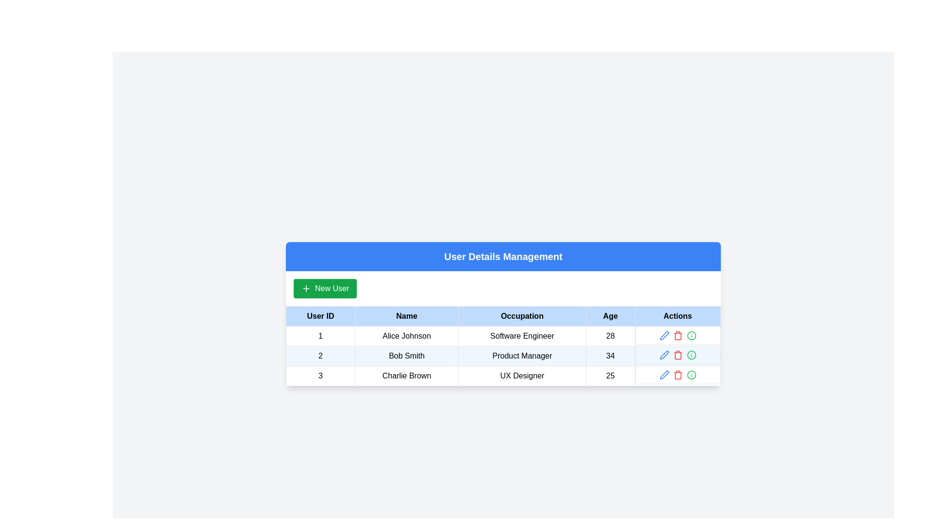 Image resolution: width=932 pixels, height=524 pixels. Describe the element at coordinates (407, 335) in the screenshot. I see `the Text label displaying 'Alice Johnson' located in the second cell of the first row in the table under the 'Name' column for accessibility` at that location.